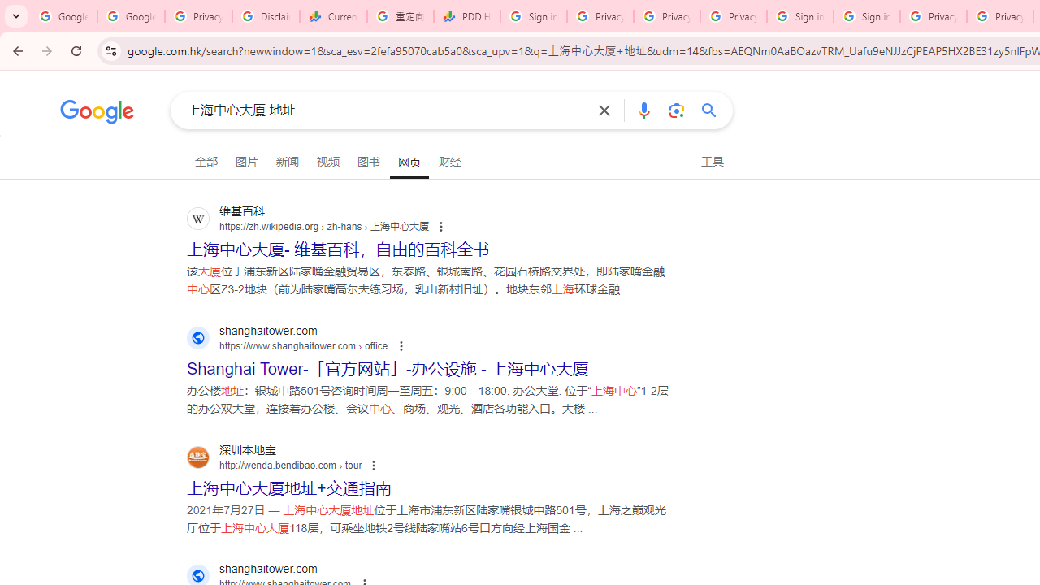  I want to click on 'Sign in - Google Accounts', so click(866, 16).